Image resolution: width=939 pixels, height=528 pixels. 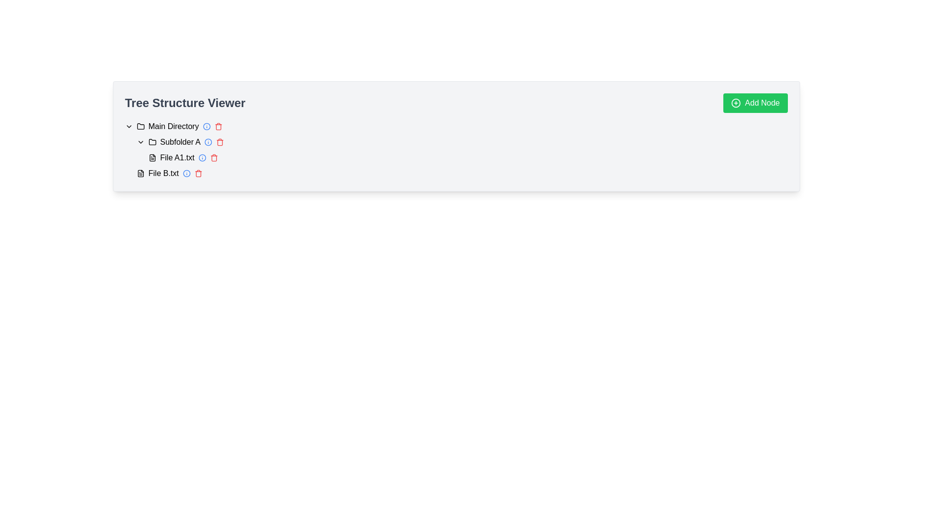 I want to click on the small rectangular file icon representing 'File A1.txt', which is located to the left of the file name text in the tree structure viewer, so click(x=152, y=157).